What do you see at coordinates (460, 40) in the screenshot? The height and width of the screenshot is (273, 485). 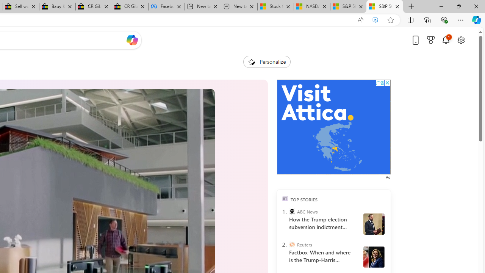 I see `'Open settings'` at bounding box center [460, 40].